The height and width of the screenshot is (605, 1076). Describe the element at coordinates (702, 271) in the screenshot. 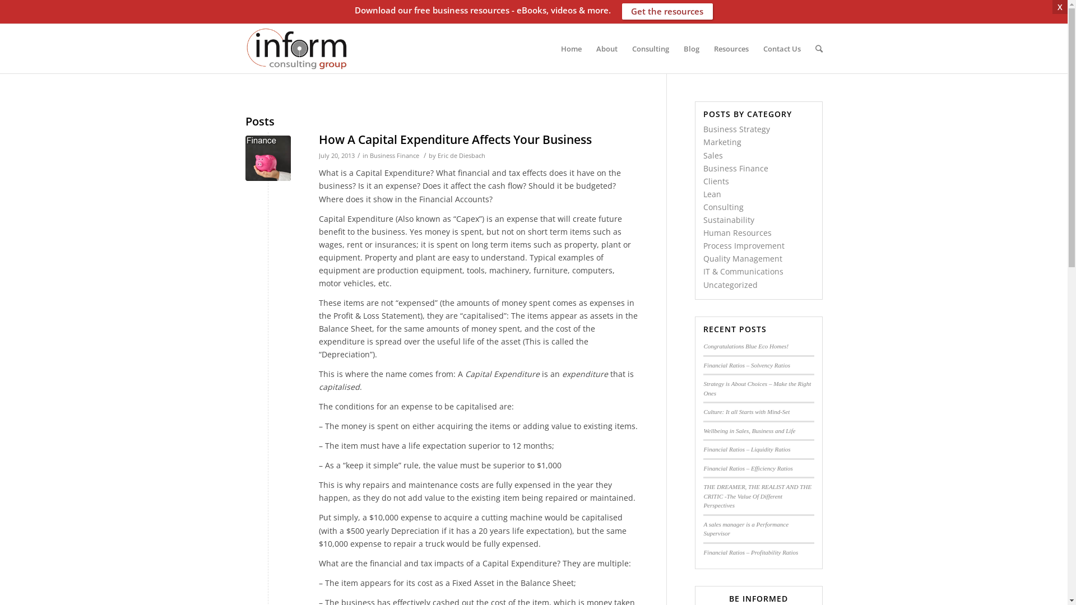

I see `'IT & Communications'` at that location.